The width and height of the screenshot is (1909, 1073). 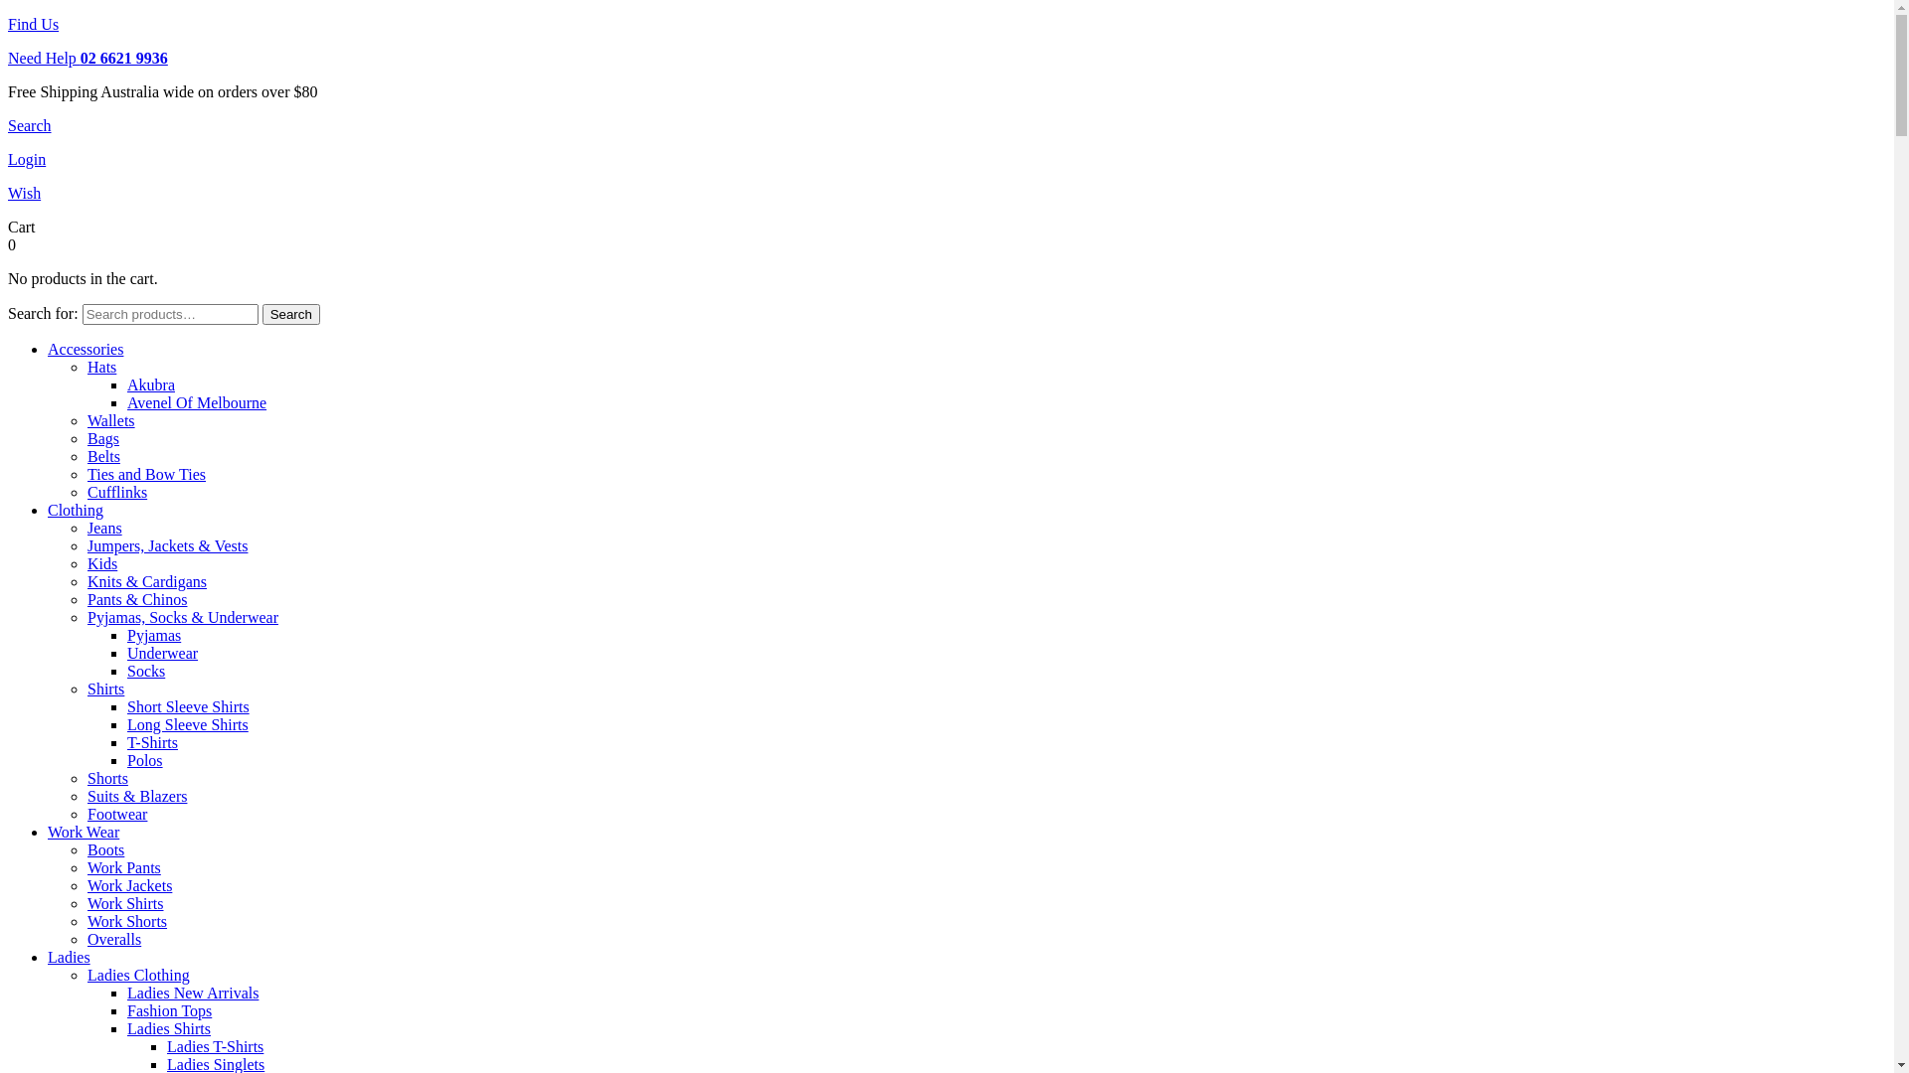 What do you see at coordinates (192, 993) in the screenshot?
I see `'Ladies New Arrivals'` at bounding box center [192, 993].